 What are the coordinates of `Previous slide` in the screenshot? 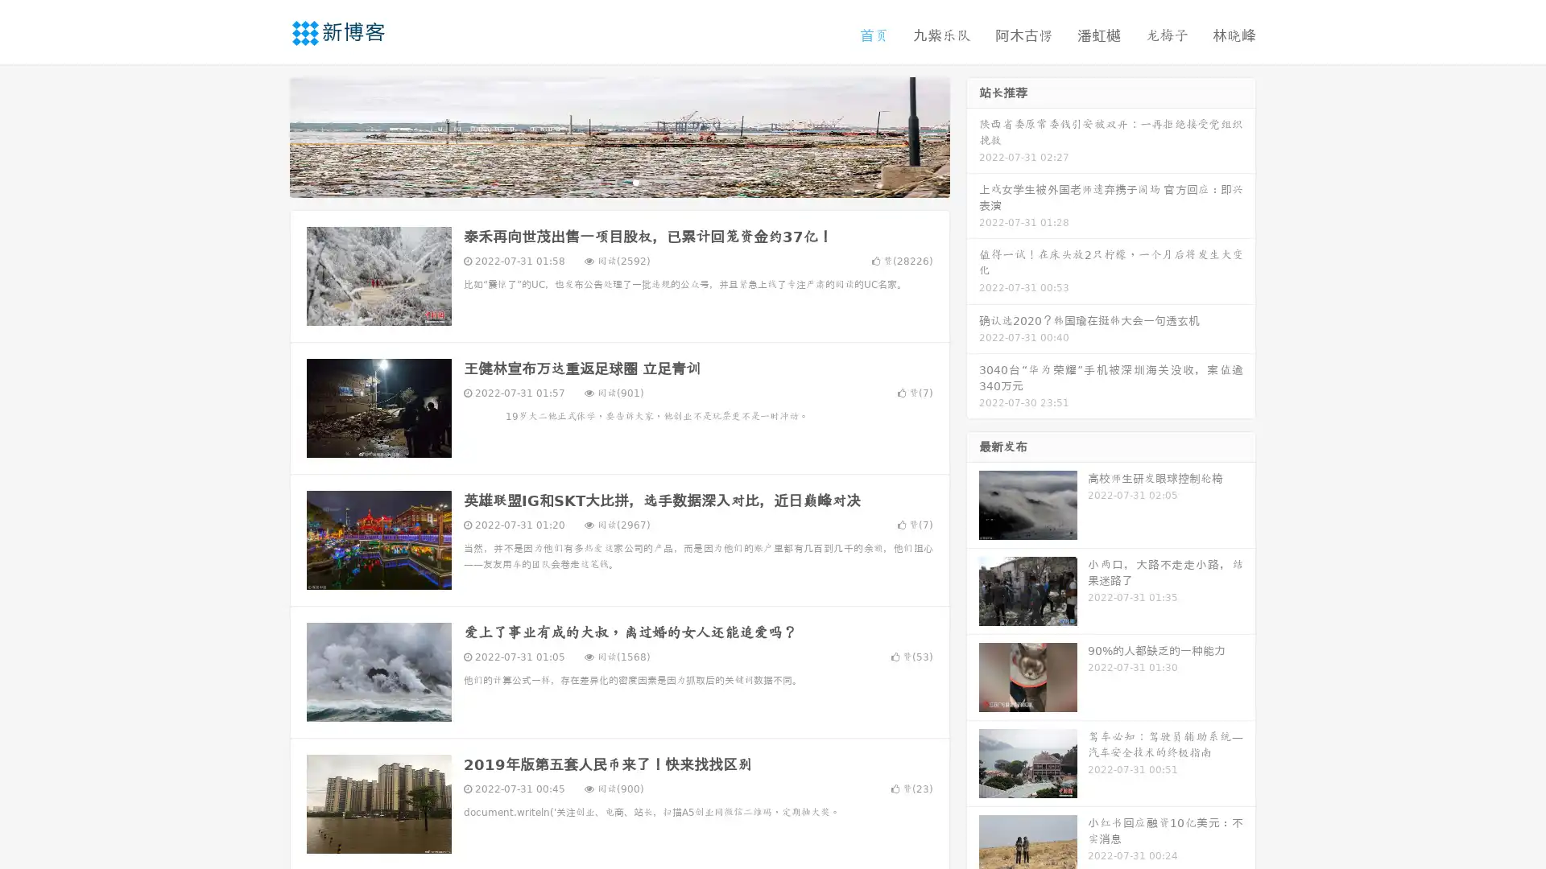 It's located at (266, 135).